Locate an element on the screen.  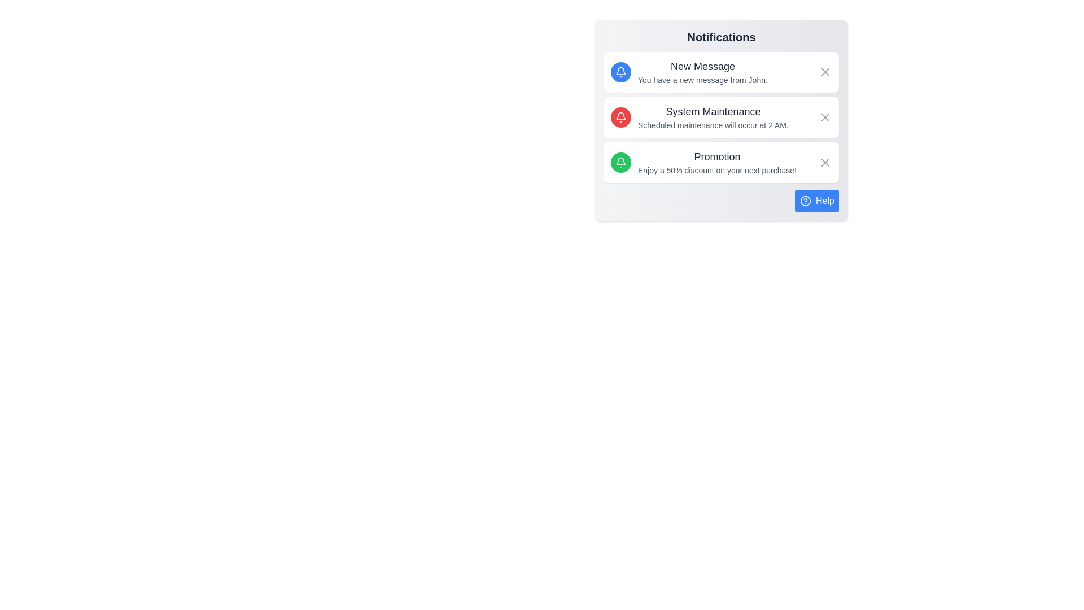
the 'X'-shaped close icon located in the top-right corner of the third notification labeled 'Promotion' is located at coordinates (825, 163).